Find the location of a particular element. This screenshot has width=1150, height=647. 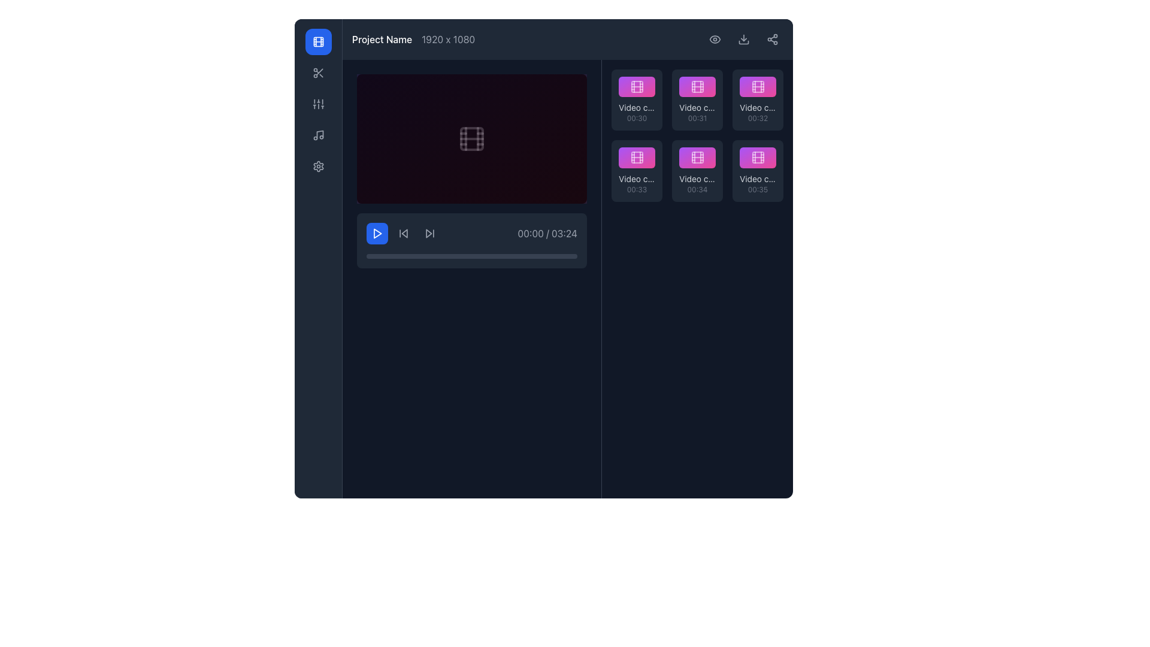

the progress bar is located at coordinates (520, 256).